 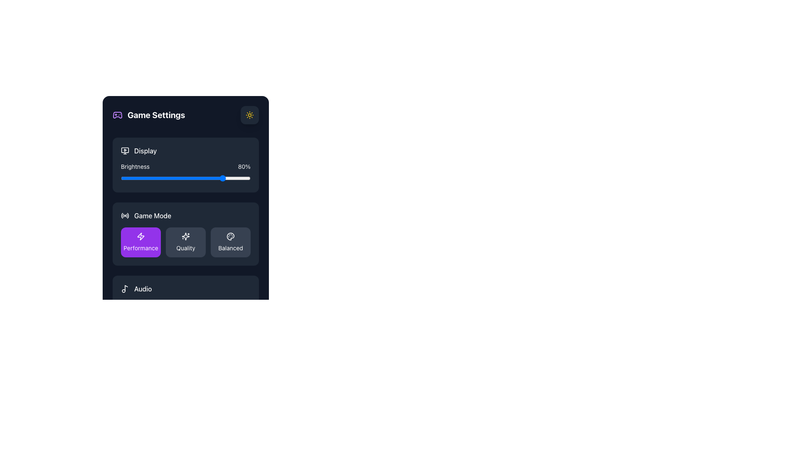 What do you see at coordinates (145, 150) in the screenshot?
I see `text label that serves as a section title for the 'Display' settings, located to the right of a monitor icon` at bounding box center [145, 150].